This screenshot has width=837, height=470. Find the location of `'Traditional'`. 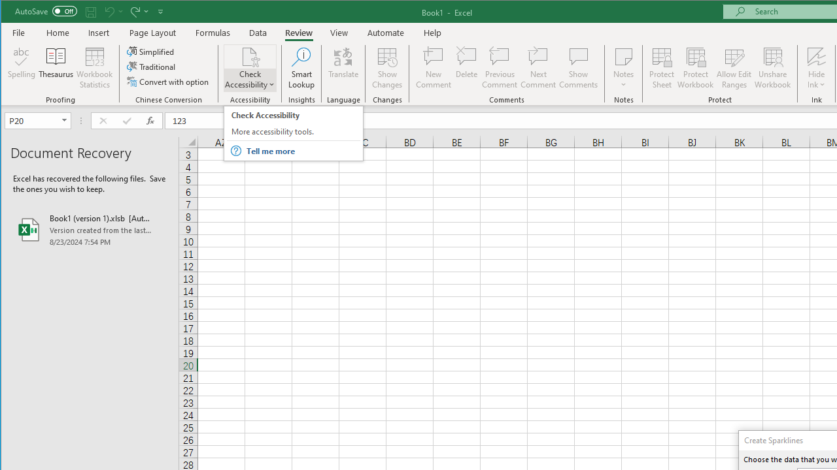

'Traditional' is located at coordinates (152, 67).